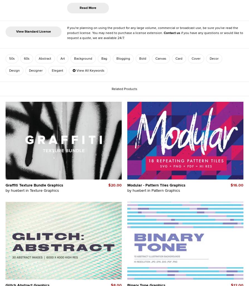 The image size is (249, 286). Describe the element at coordinates (101, 43) in the screenshot. I see `'2703'` at that location.